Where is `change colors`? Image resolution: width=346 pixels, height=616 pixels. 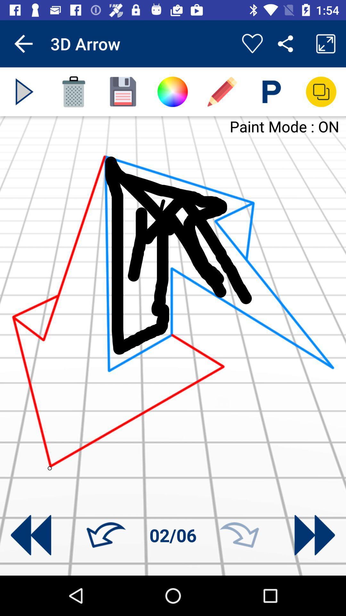
change colors is located at coordinates (172, 91).